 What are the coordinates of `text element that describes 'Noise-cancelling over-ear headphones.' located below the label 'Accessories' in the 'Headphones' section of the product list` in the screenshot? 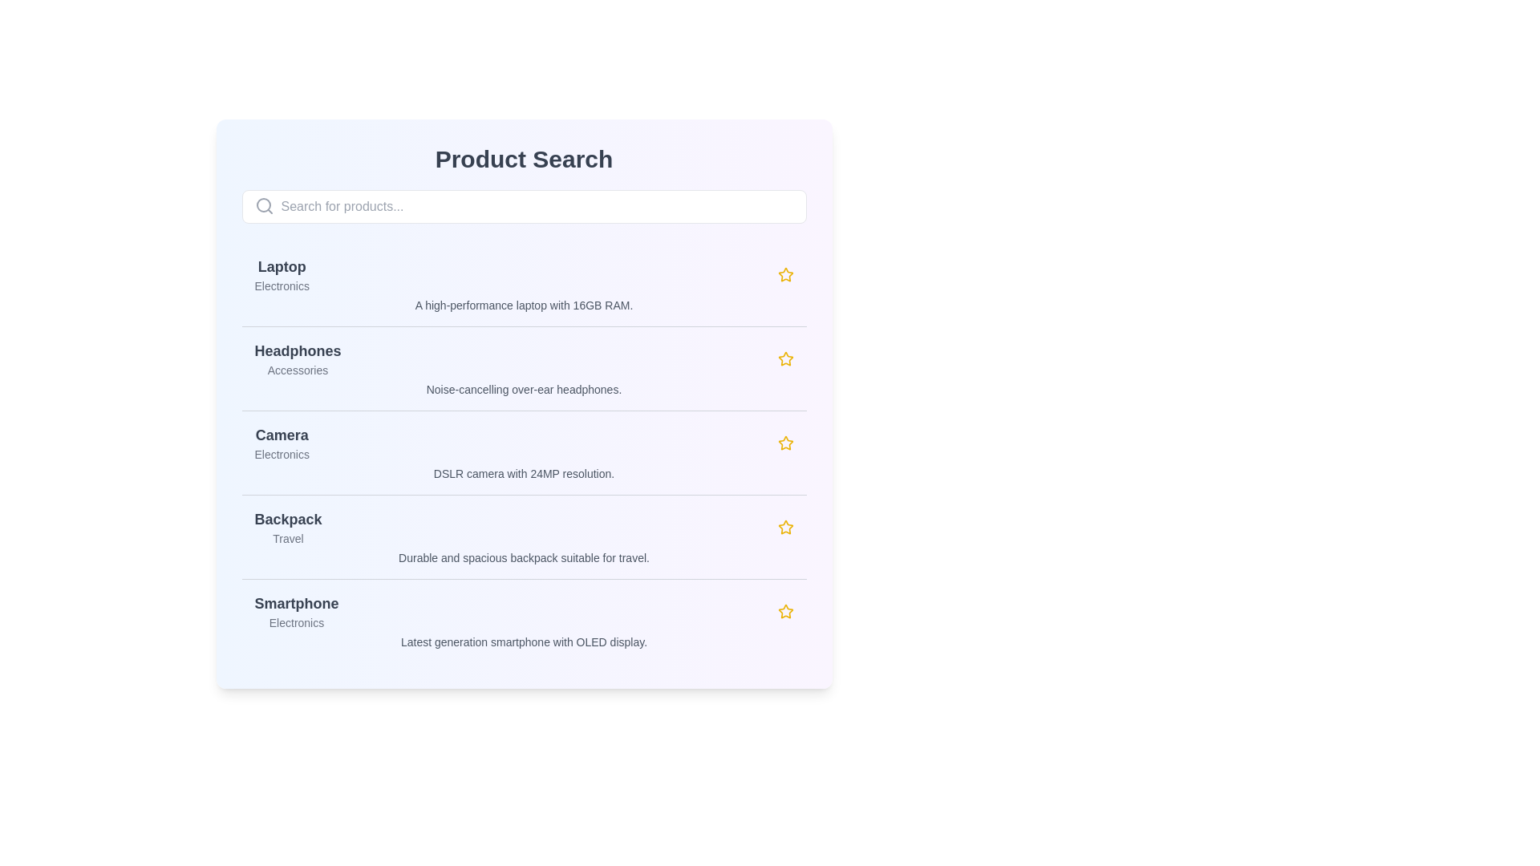 It's located at (524, 390).